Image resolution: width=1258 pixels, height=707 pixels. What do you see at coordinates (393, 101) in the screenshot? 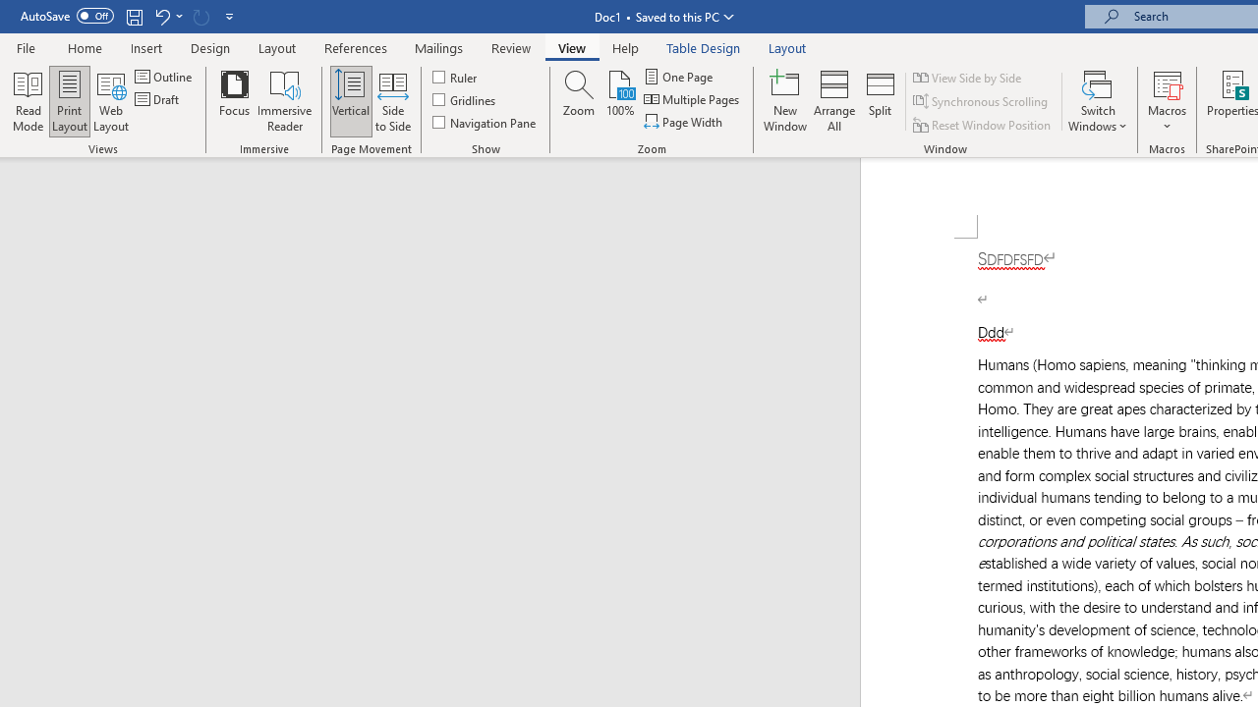
I see `'Side to Side'` at bounding box center [393, 101].